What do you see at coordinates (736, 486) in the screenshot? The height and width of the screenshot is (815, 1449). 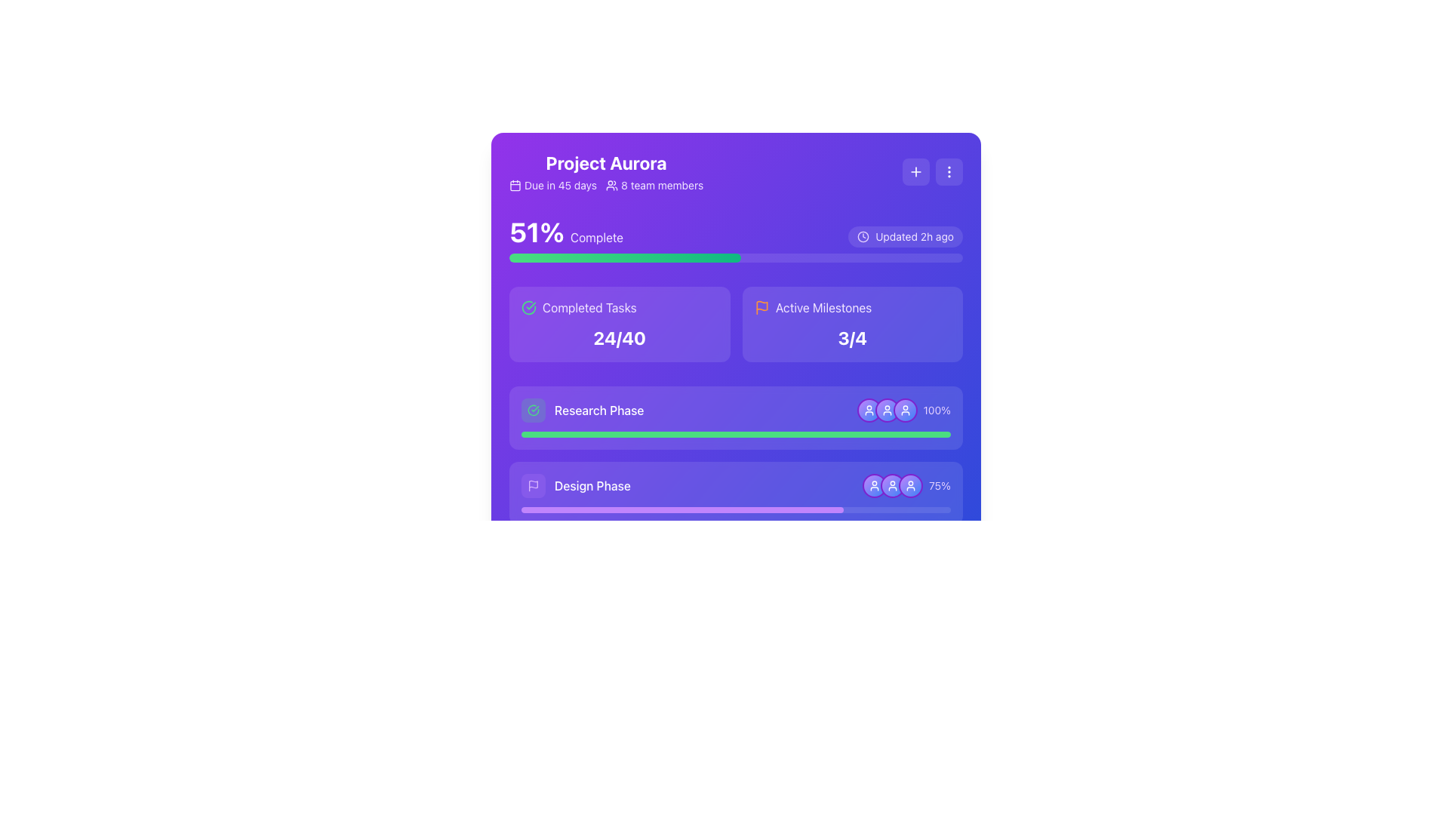 I see `the Progress bar labeled 'Design Phase' with a completion percentage of '75%', located near the bottom of the interface, beneath the 'Research Phase' section` at bounding box center [736, 486].